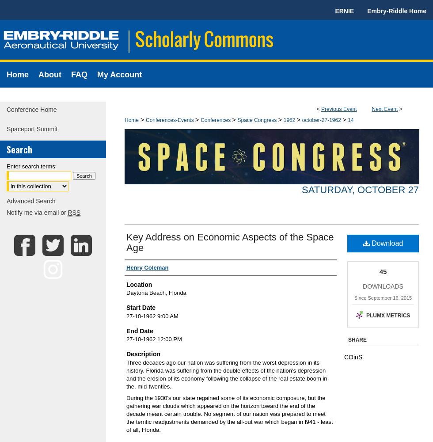  I want to click on 'COinS', so click(344, 357).